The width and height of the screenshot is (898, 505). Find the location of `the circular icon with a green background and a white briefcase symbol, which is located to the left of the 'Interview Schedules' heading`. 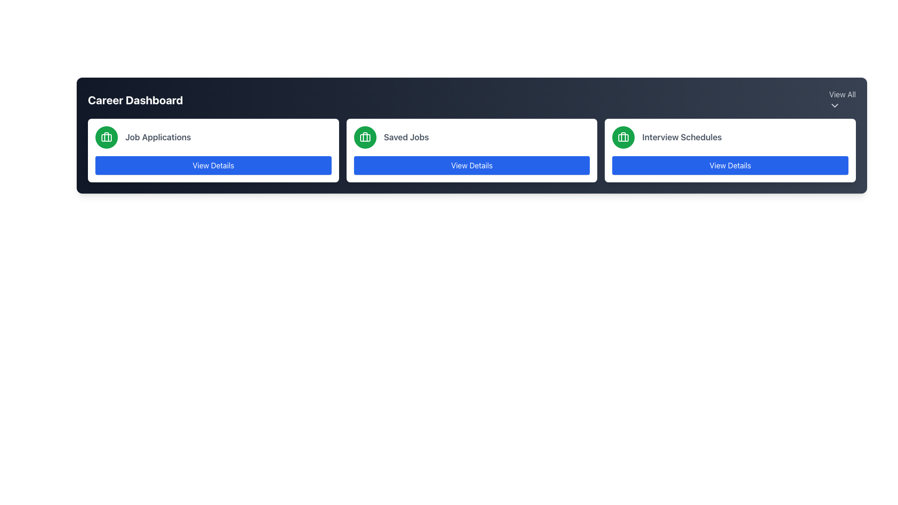

the circular icon with a green background and a white briefcase symbol, which is located to the left of the 'Interview Schedules' heading is located at coordinates (623, 137).